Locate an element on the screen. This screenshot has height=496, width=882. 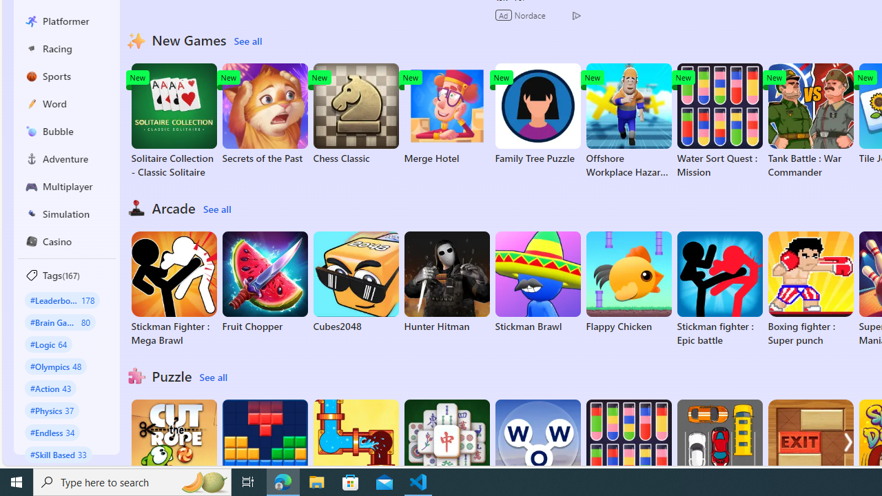
'Merge Hotel' is located at coordinates (447, 113).